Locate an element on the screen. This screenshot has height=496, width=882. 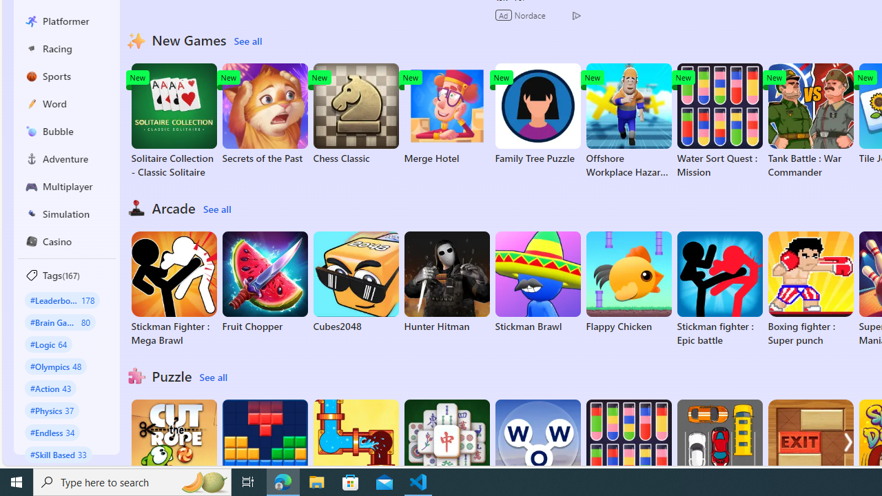
'Merge Hotel' is located at coordinates (447, 113).